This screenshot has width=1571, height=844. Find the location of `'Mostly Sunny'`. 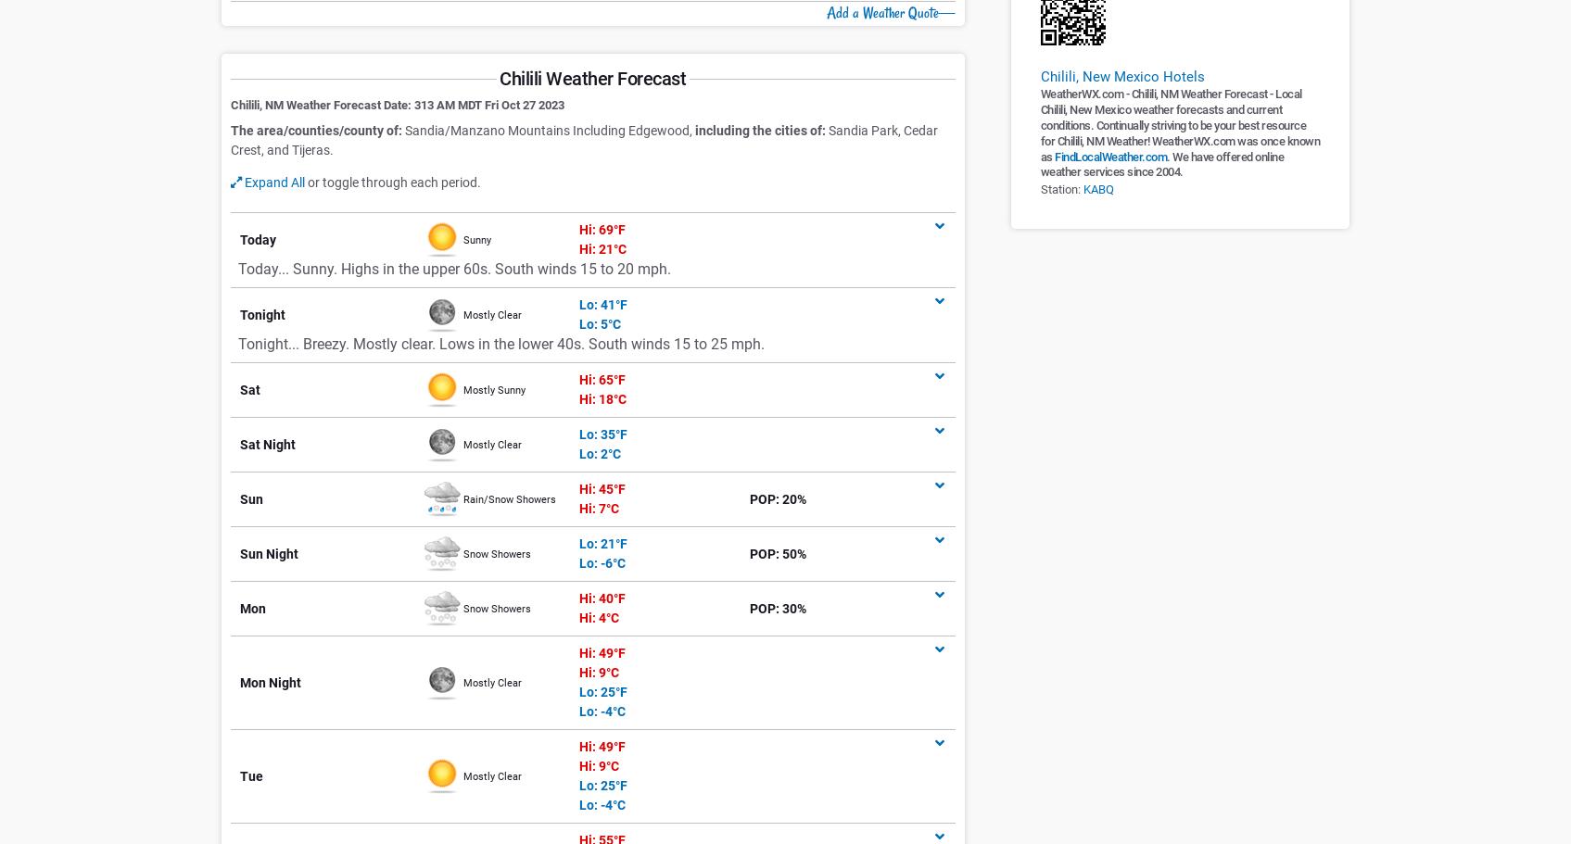

'Mostly Sunny' is located at coordinates (493, 388).